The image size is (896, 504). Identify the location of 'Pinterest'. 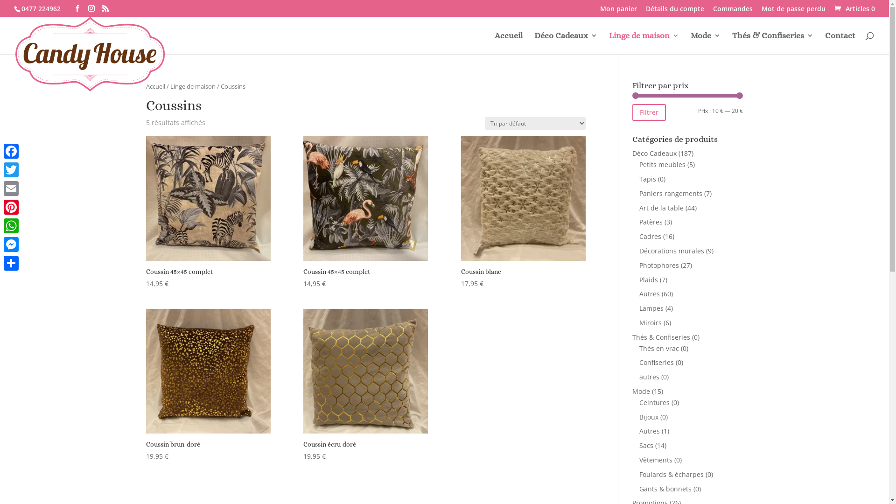
(11, 206).